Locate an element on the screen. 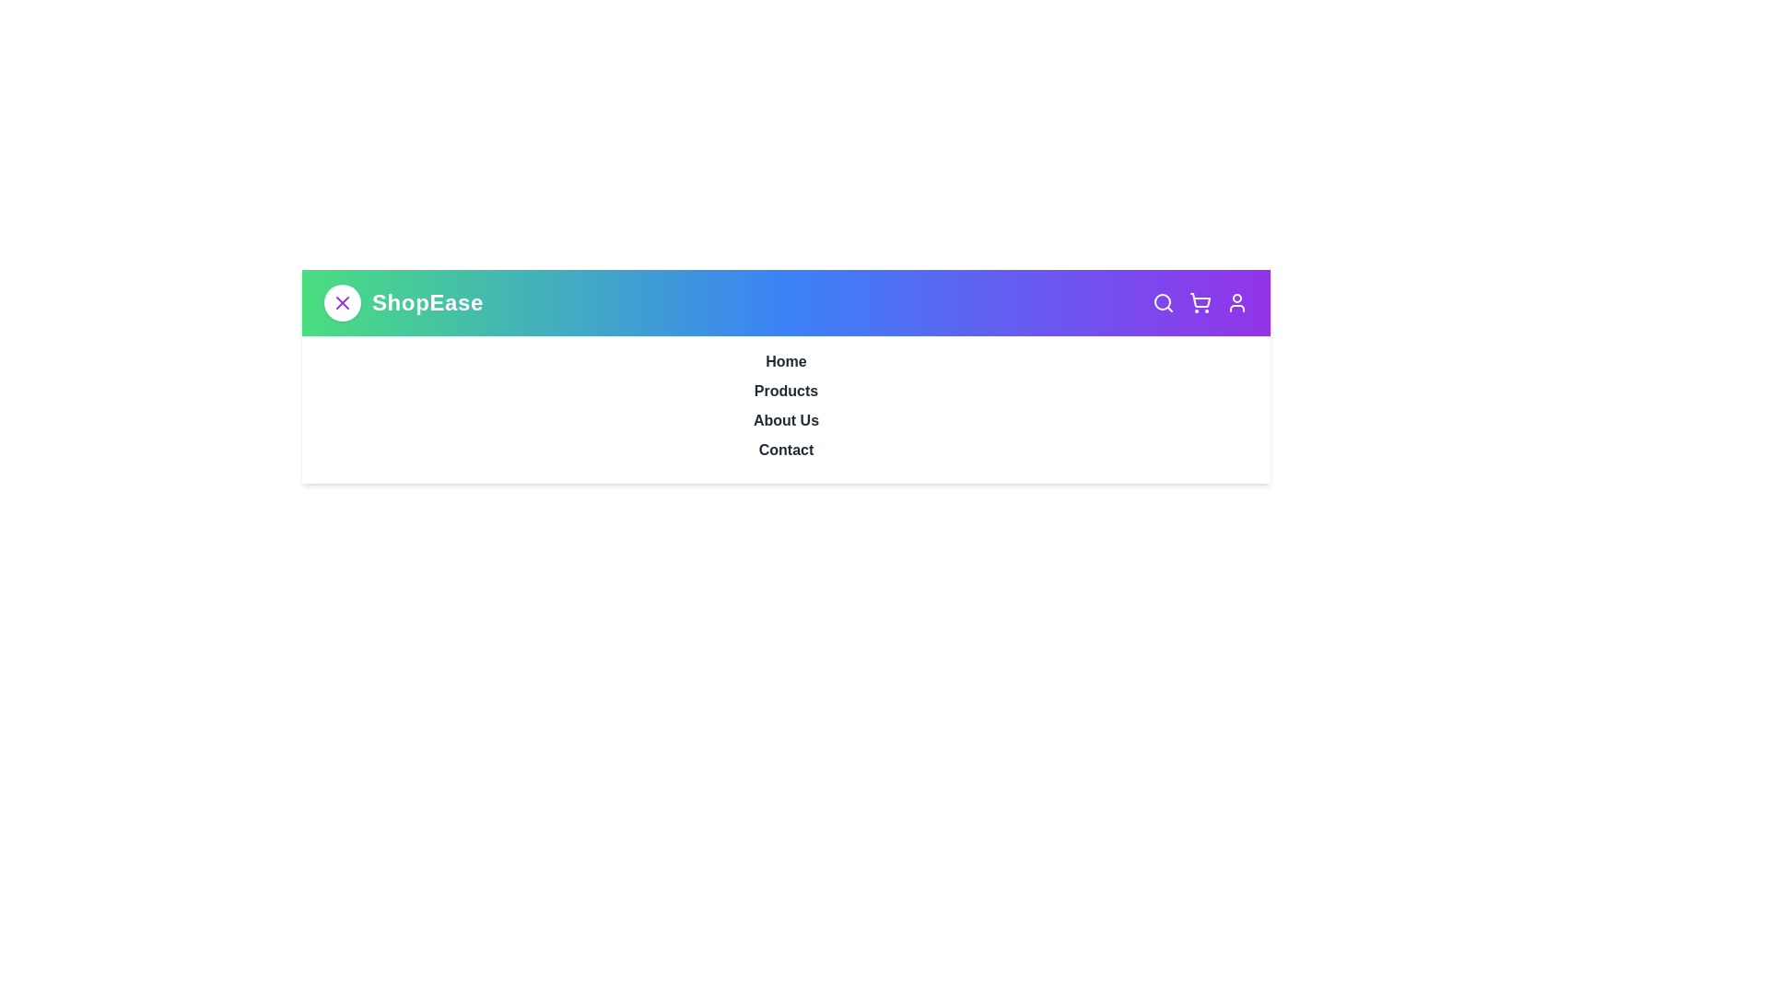  the toggle button to toggle the menu visibility is located at coordinates (343, 301).